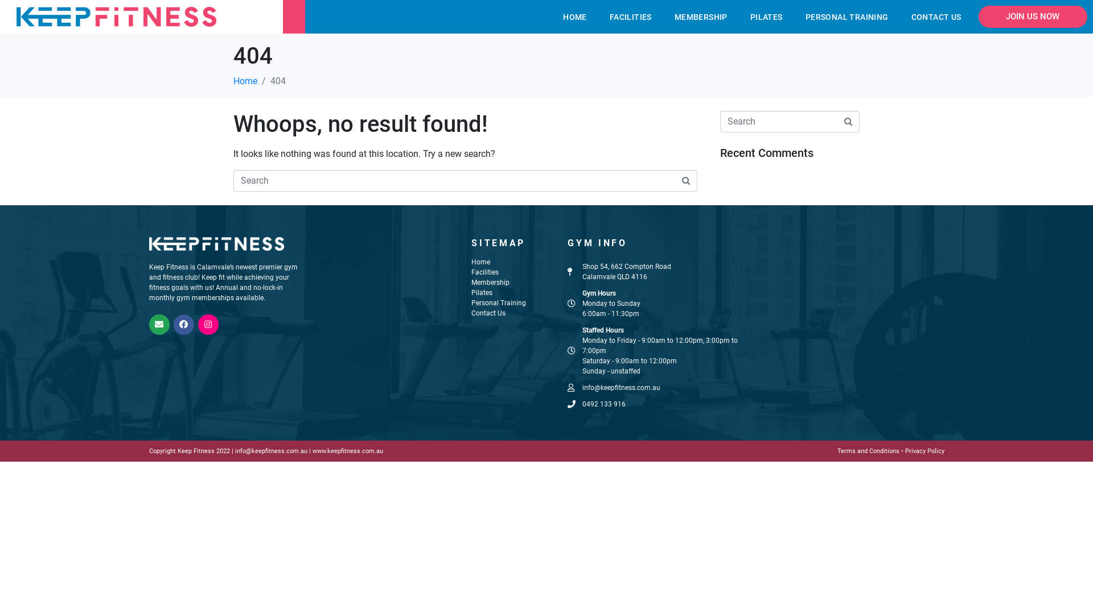 The width and height of the screenshot is (1093, 614). What do you see at coordinates (924, 450) in the screenshot?
I see `'Privacy Policy'` at bounding box center [924, 450].